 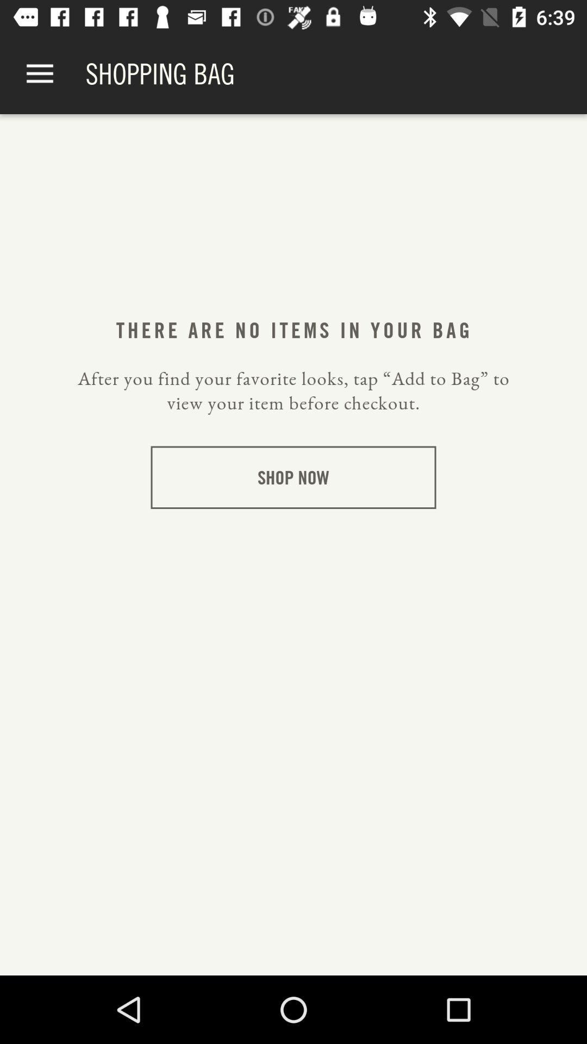 What do you see at coordinates (292, 330) in the screenshot?
I see `there are no item` at bounding box center [292, 330].